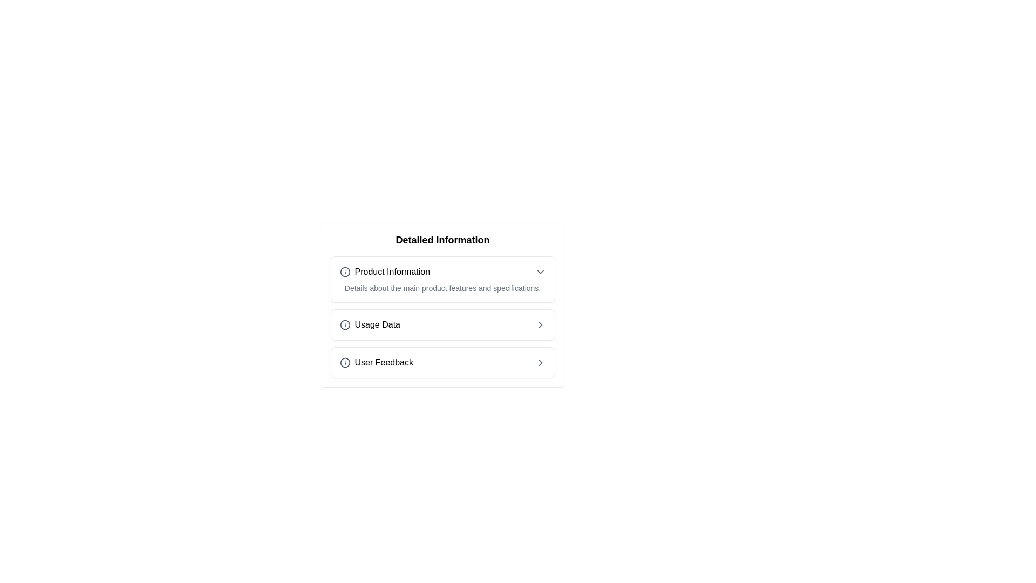  I want to click on the static text providing additional information about the 'Product Information' section, located immediately below the 'Product Information' heading, so click(442, 287).